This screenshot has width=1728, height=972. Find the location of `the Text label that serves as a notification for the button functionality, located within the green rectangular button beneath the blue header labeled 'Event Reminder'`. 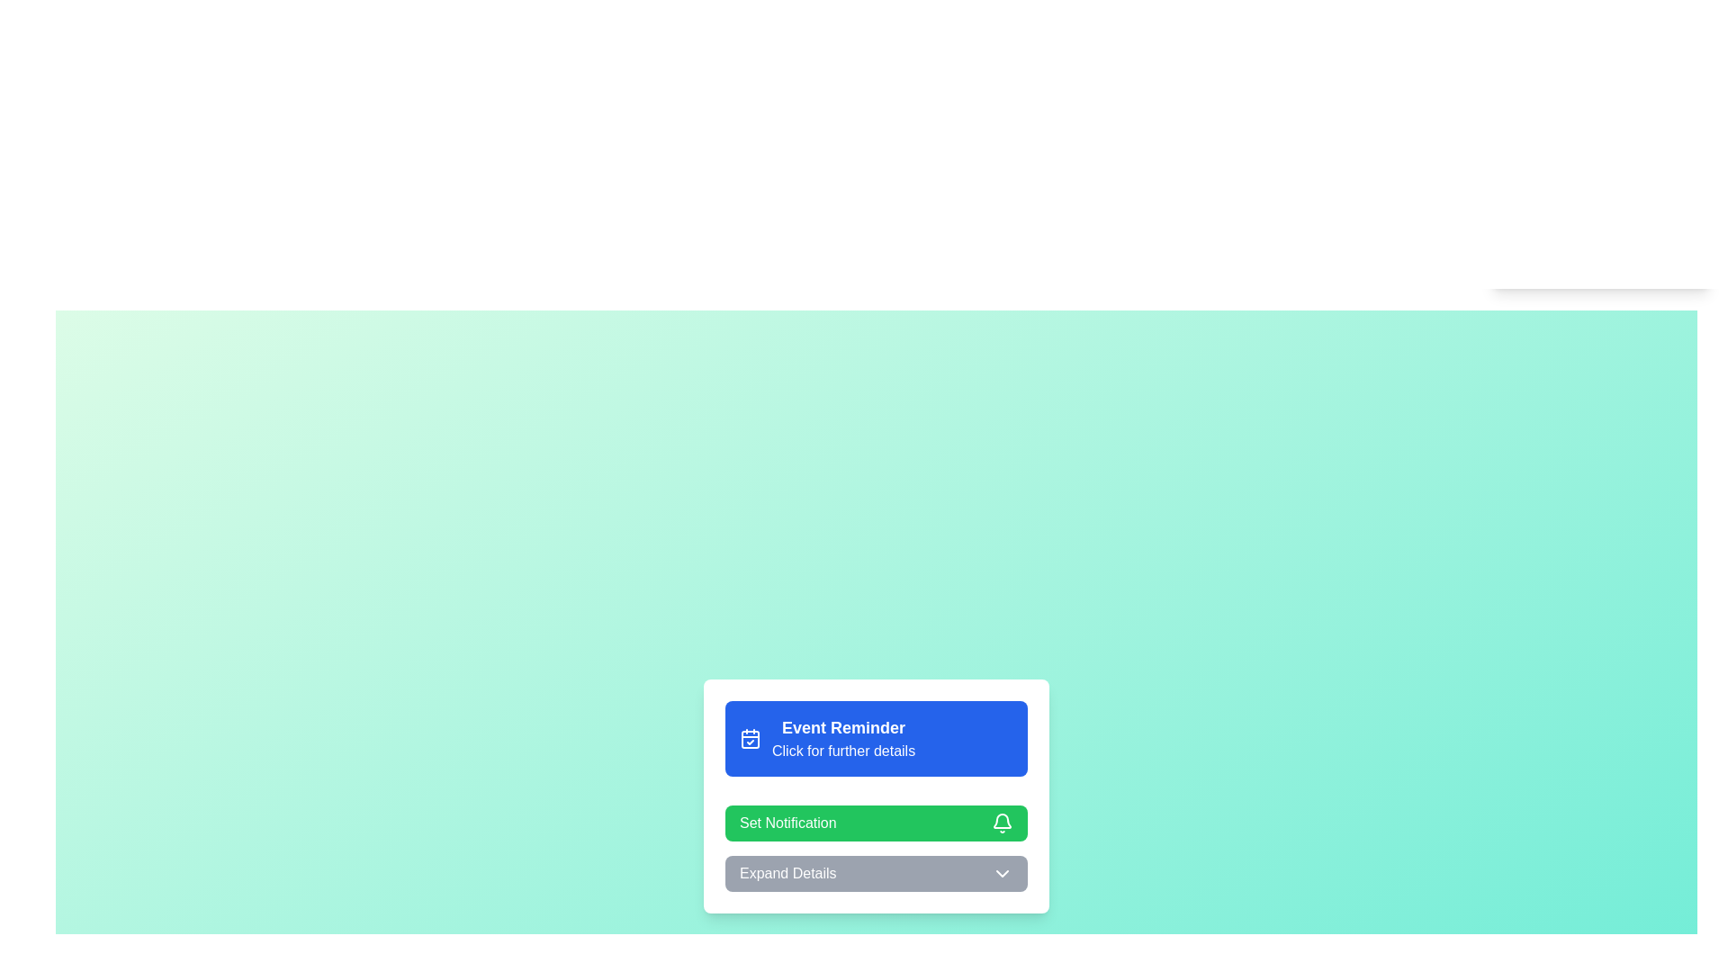

the Text label that serves as a notification for the button functionality, located within the green rectangular button beneath the blue header labeled 'Event Reminder' is located at coordinates (787, 823).